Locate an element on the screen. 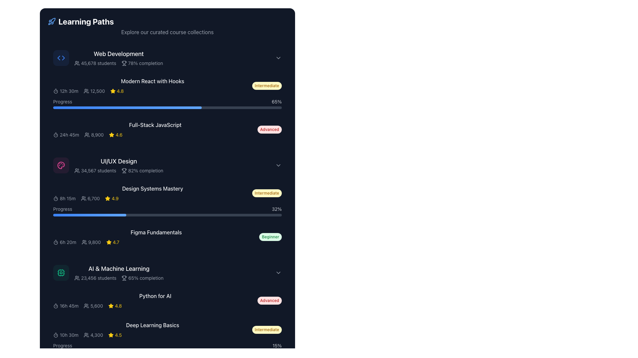 The image size is (638, 358). progress indicator segment representing 32% completion of the 'Design Systems Mastery' course for debugging purposes is located at coordinates (89, 215).